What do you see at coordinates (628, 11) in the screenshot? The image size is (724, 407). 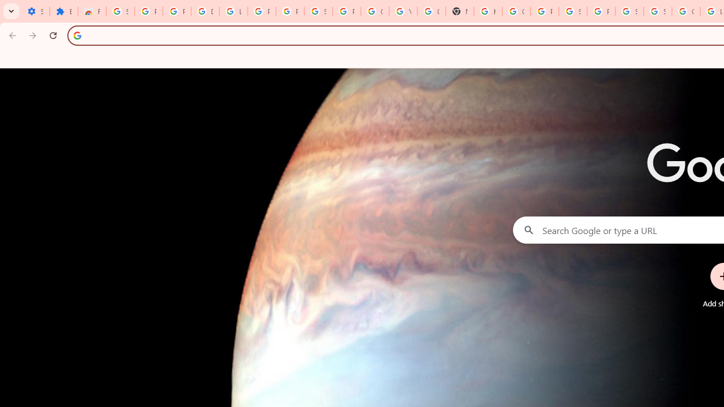 I see `'Sign in - Google Accounts'` at bounding box center [628, 11].